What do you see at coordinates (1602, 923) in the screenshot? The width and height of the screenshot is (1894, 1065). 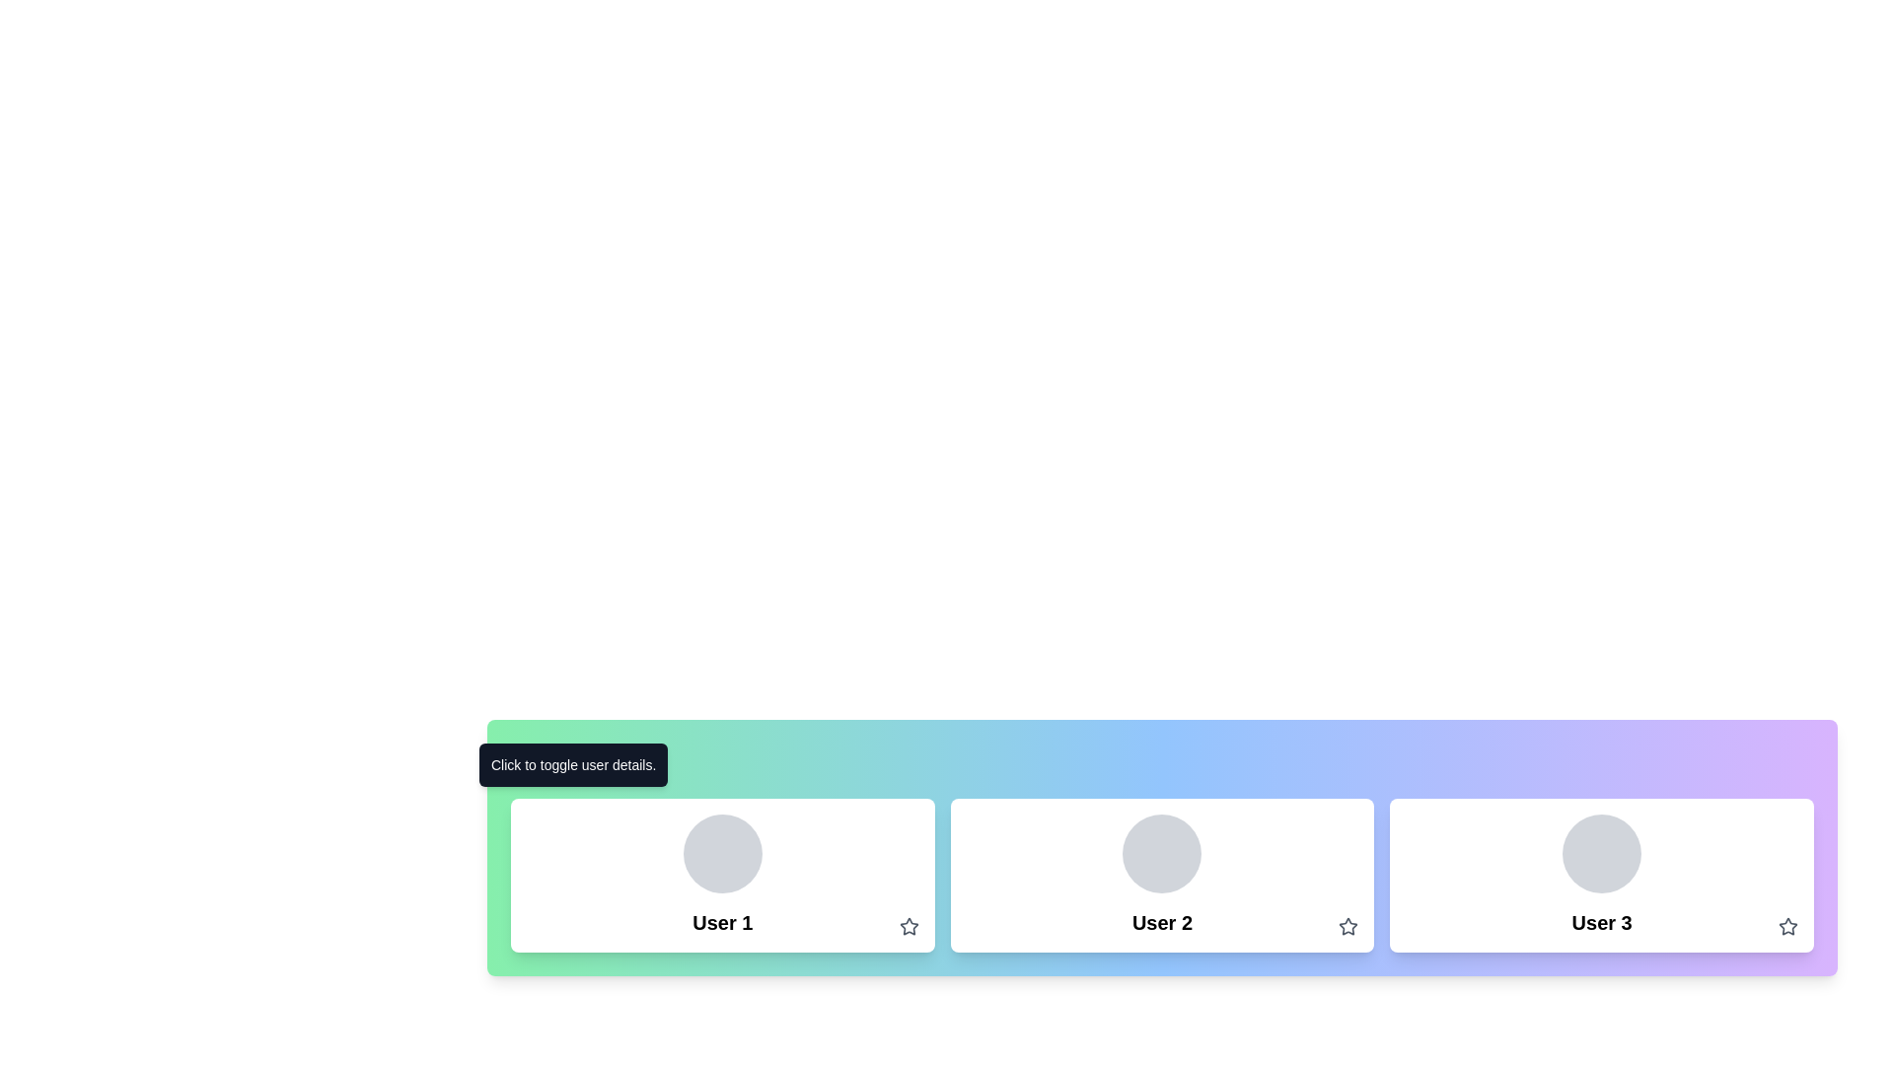 I see `the text label displaying 'User 3' which is centrally aligned within its card, located beneath a circular user profile picture in the third card from the left` at bounding box center [1602, 923].